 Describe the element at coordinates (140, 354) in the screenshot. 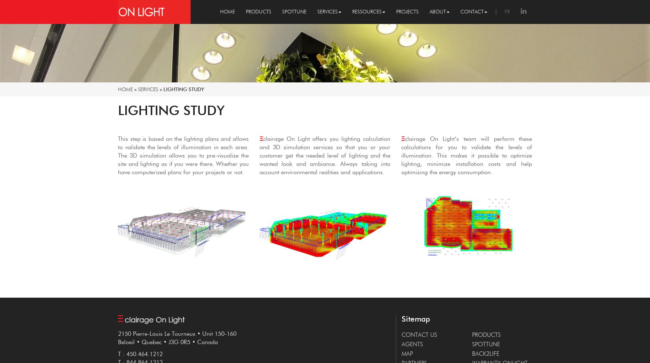

I see `'T : 450.464.1212'` at that location.